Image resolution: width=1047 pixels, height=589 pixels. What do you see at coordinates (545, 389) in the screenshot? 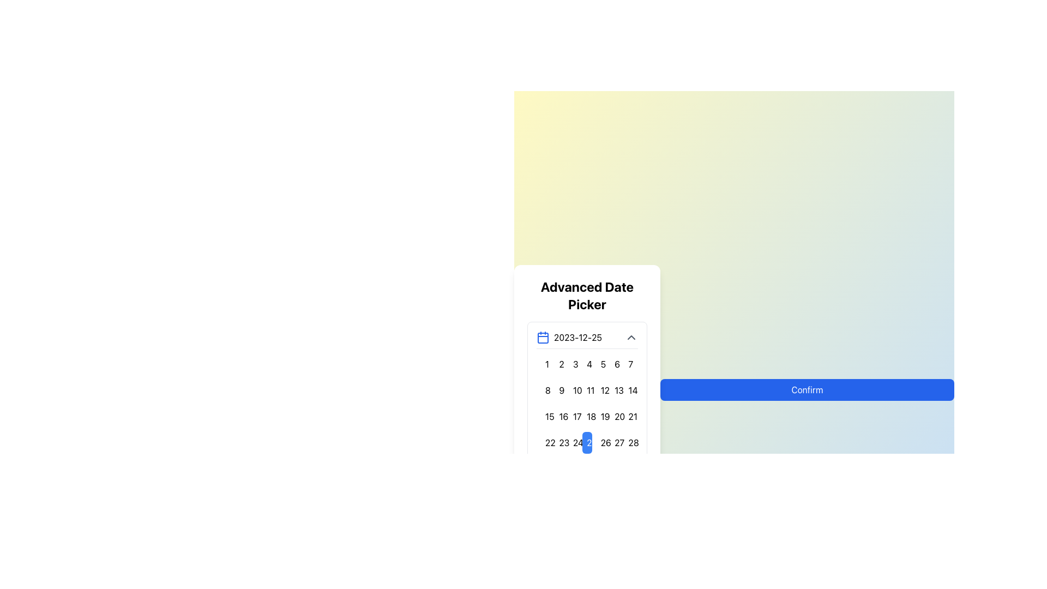
I see `the button representing the calendar date '8'` at bounding box center [545, 389].